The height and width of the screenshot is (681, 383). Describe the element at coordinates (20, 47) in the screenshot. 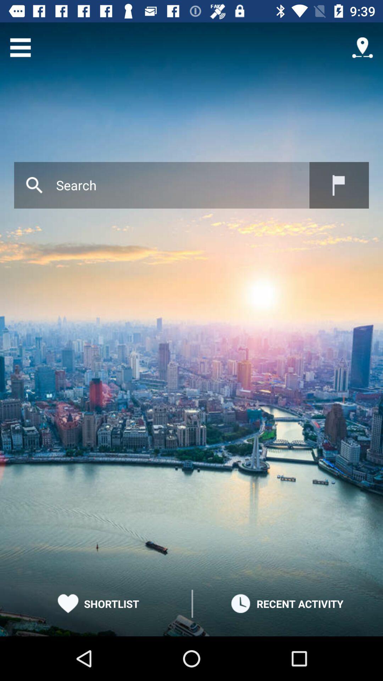

I see `menu button` at that location.